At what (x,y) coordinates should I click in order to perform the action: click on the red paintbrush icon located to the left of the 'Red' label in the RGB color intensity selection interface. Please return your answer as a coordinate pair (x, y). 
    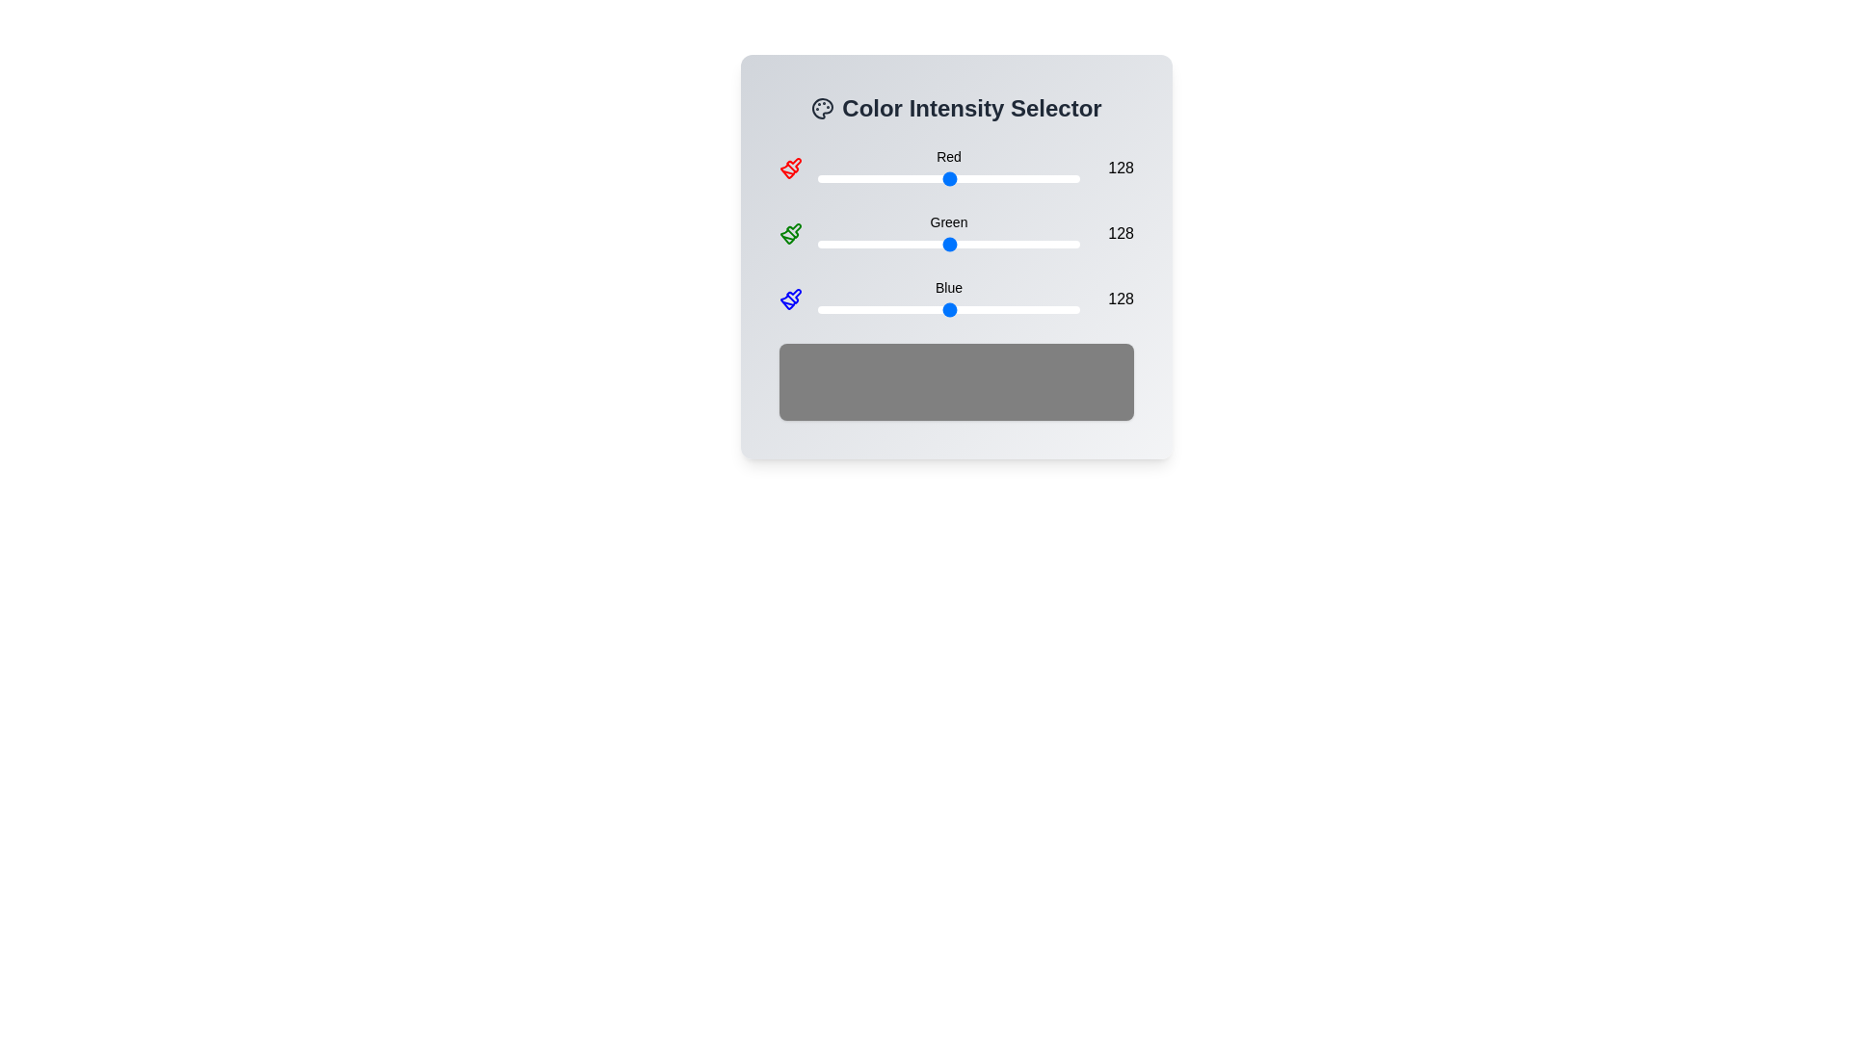
    Looking at the image, I should click on (794, 164).